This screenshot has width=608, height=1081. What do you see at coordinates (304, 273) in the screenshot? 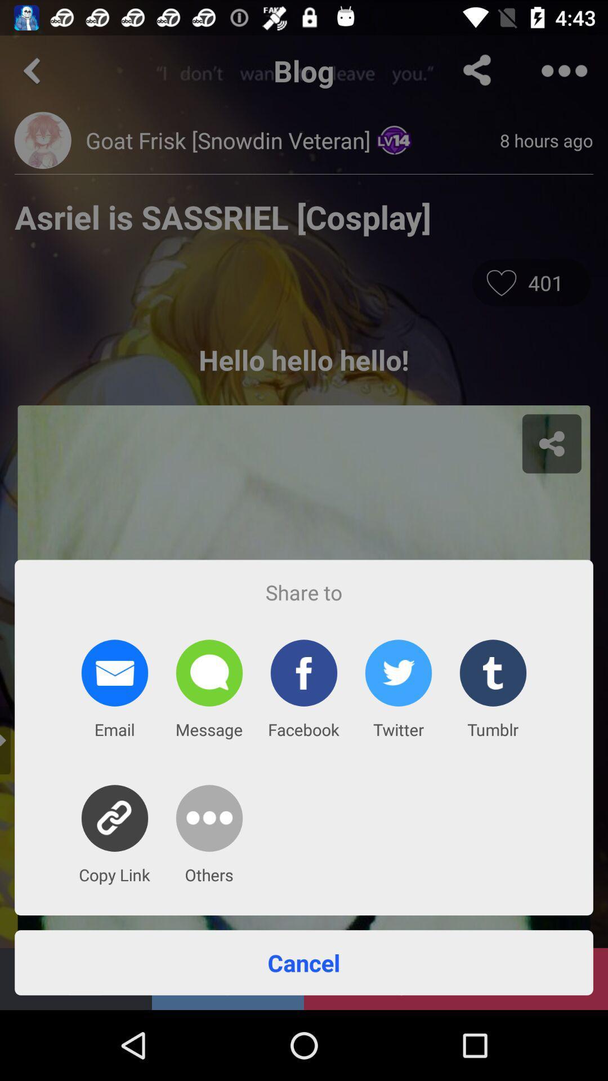
I see `the icon above share to icon` at bounding box center [304, 273].